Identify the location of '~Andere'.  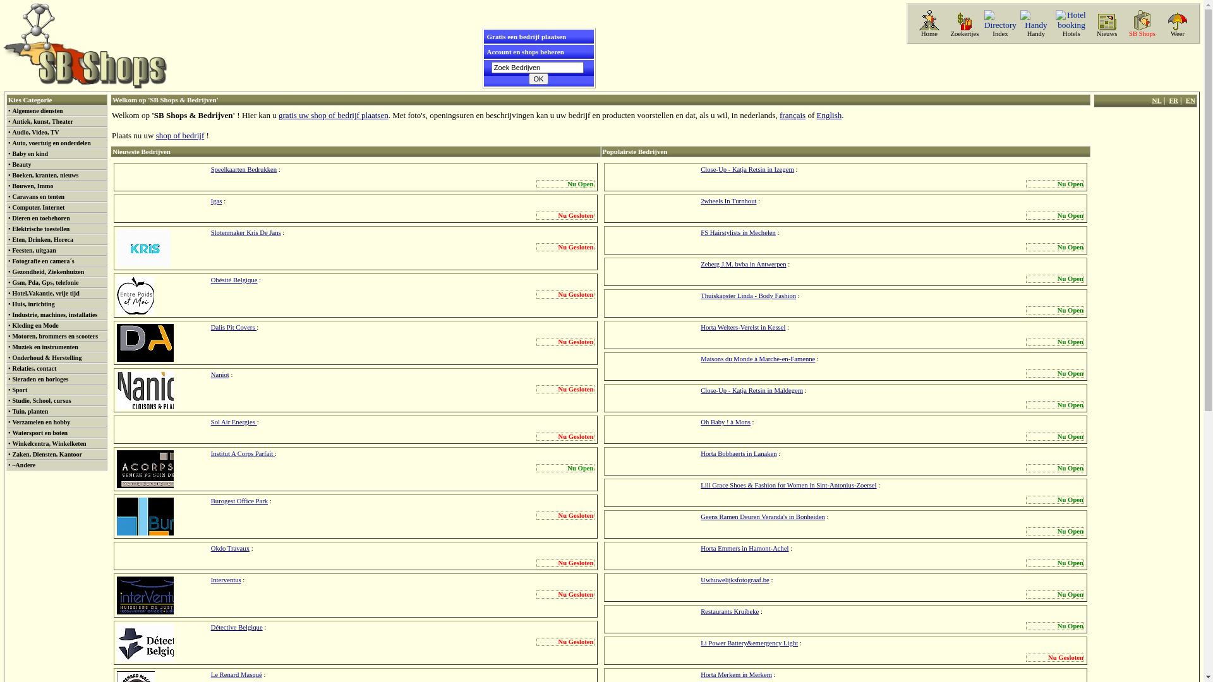
(23, 465).